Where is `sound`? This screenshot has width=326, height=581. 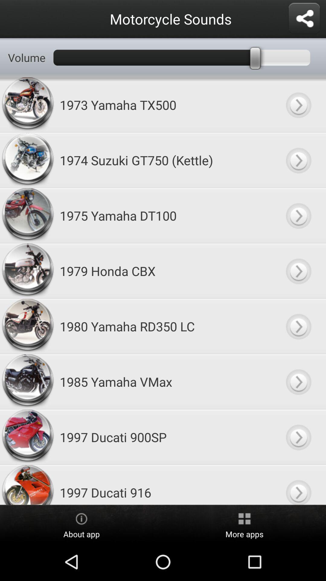 sound is located at coordinates (298, 105).